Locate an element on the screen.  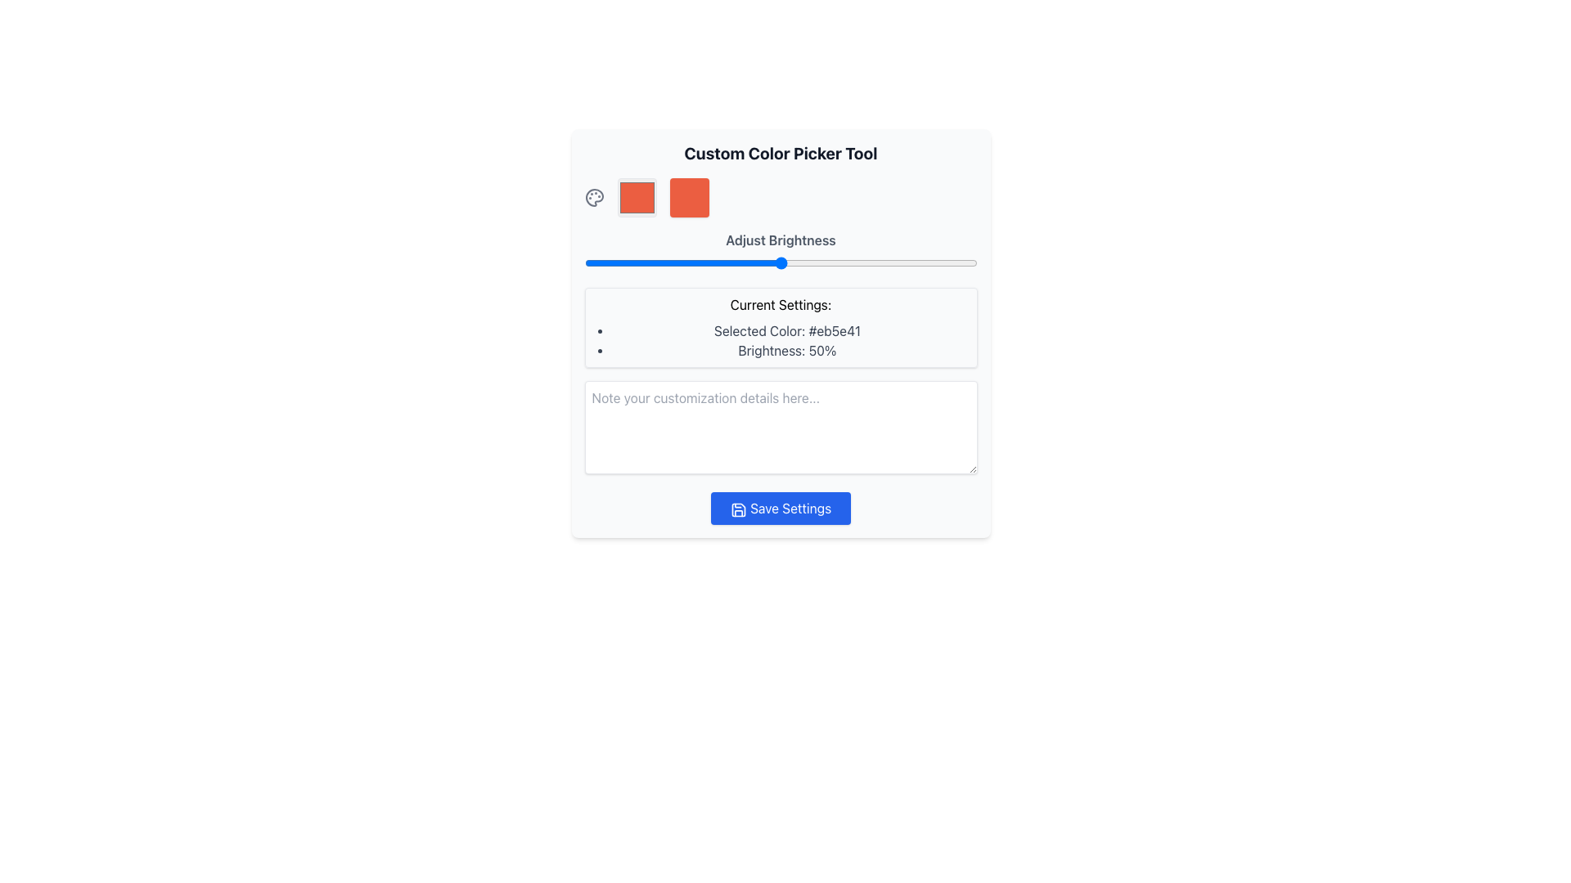
the brightness is located at coordinates (894, 262).